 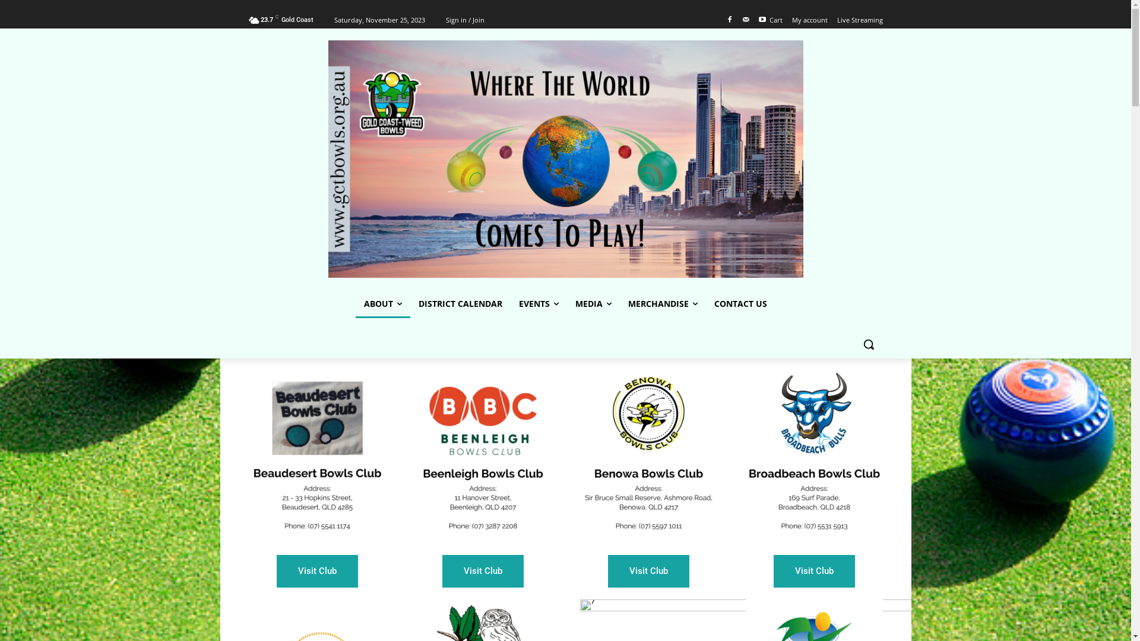 What do you see at coordinates (619, 303) in the screenshot?
I see `'MERCHANDISE'` at bounding box center [619, 303].